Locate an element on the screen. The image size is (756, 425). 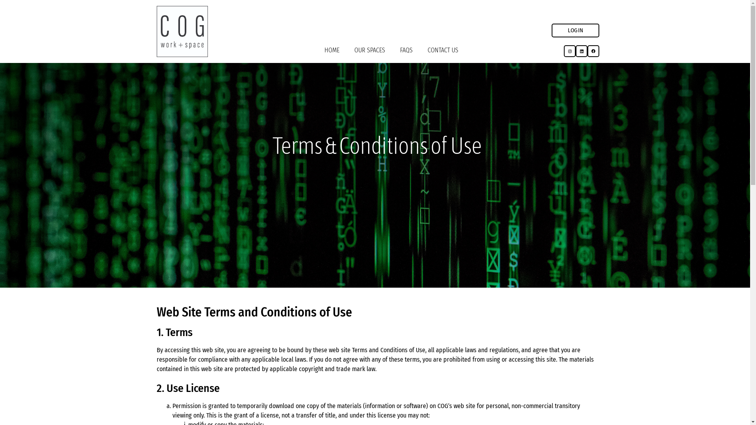
'HOME' is located at coordinates (332, 50).